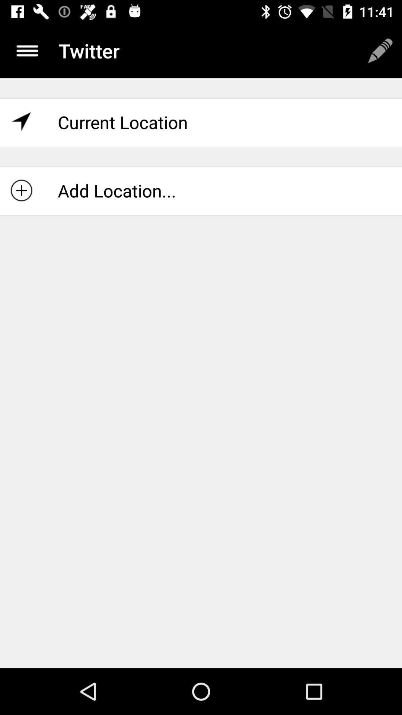 This screenshot has width=402, height=715. What do you see at coordinates (380, 50) in the screenshot?
I see `the icon above current location item` at bounding box center [380, 50].